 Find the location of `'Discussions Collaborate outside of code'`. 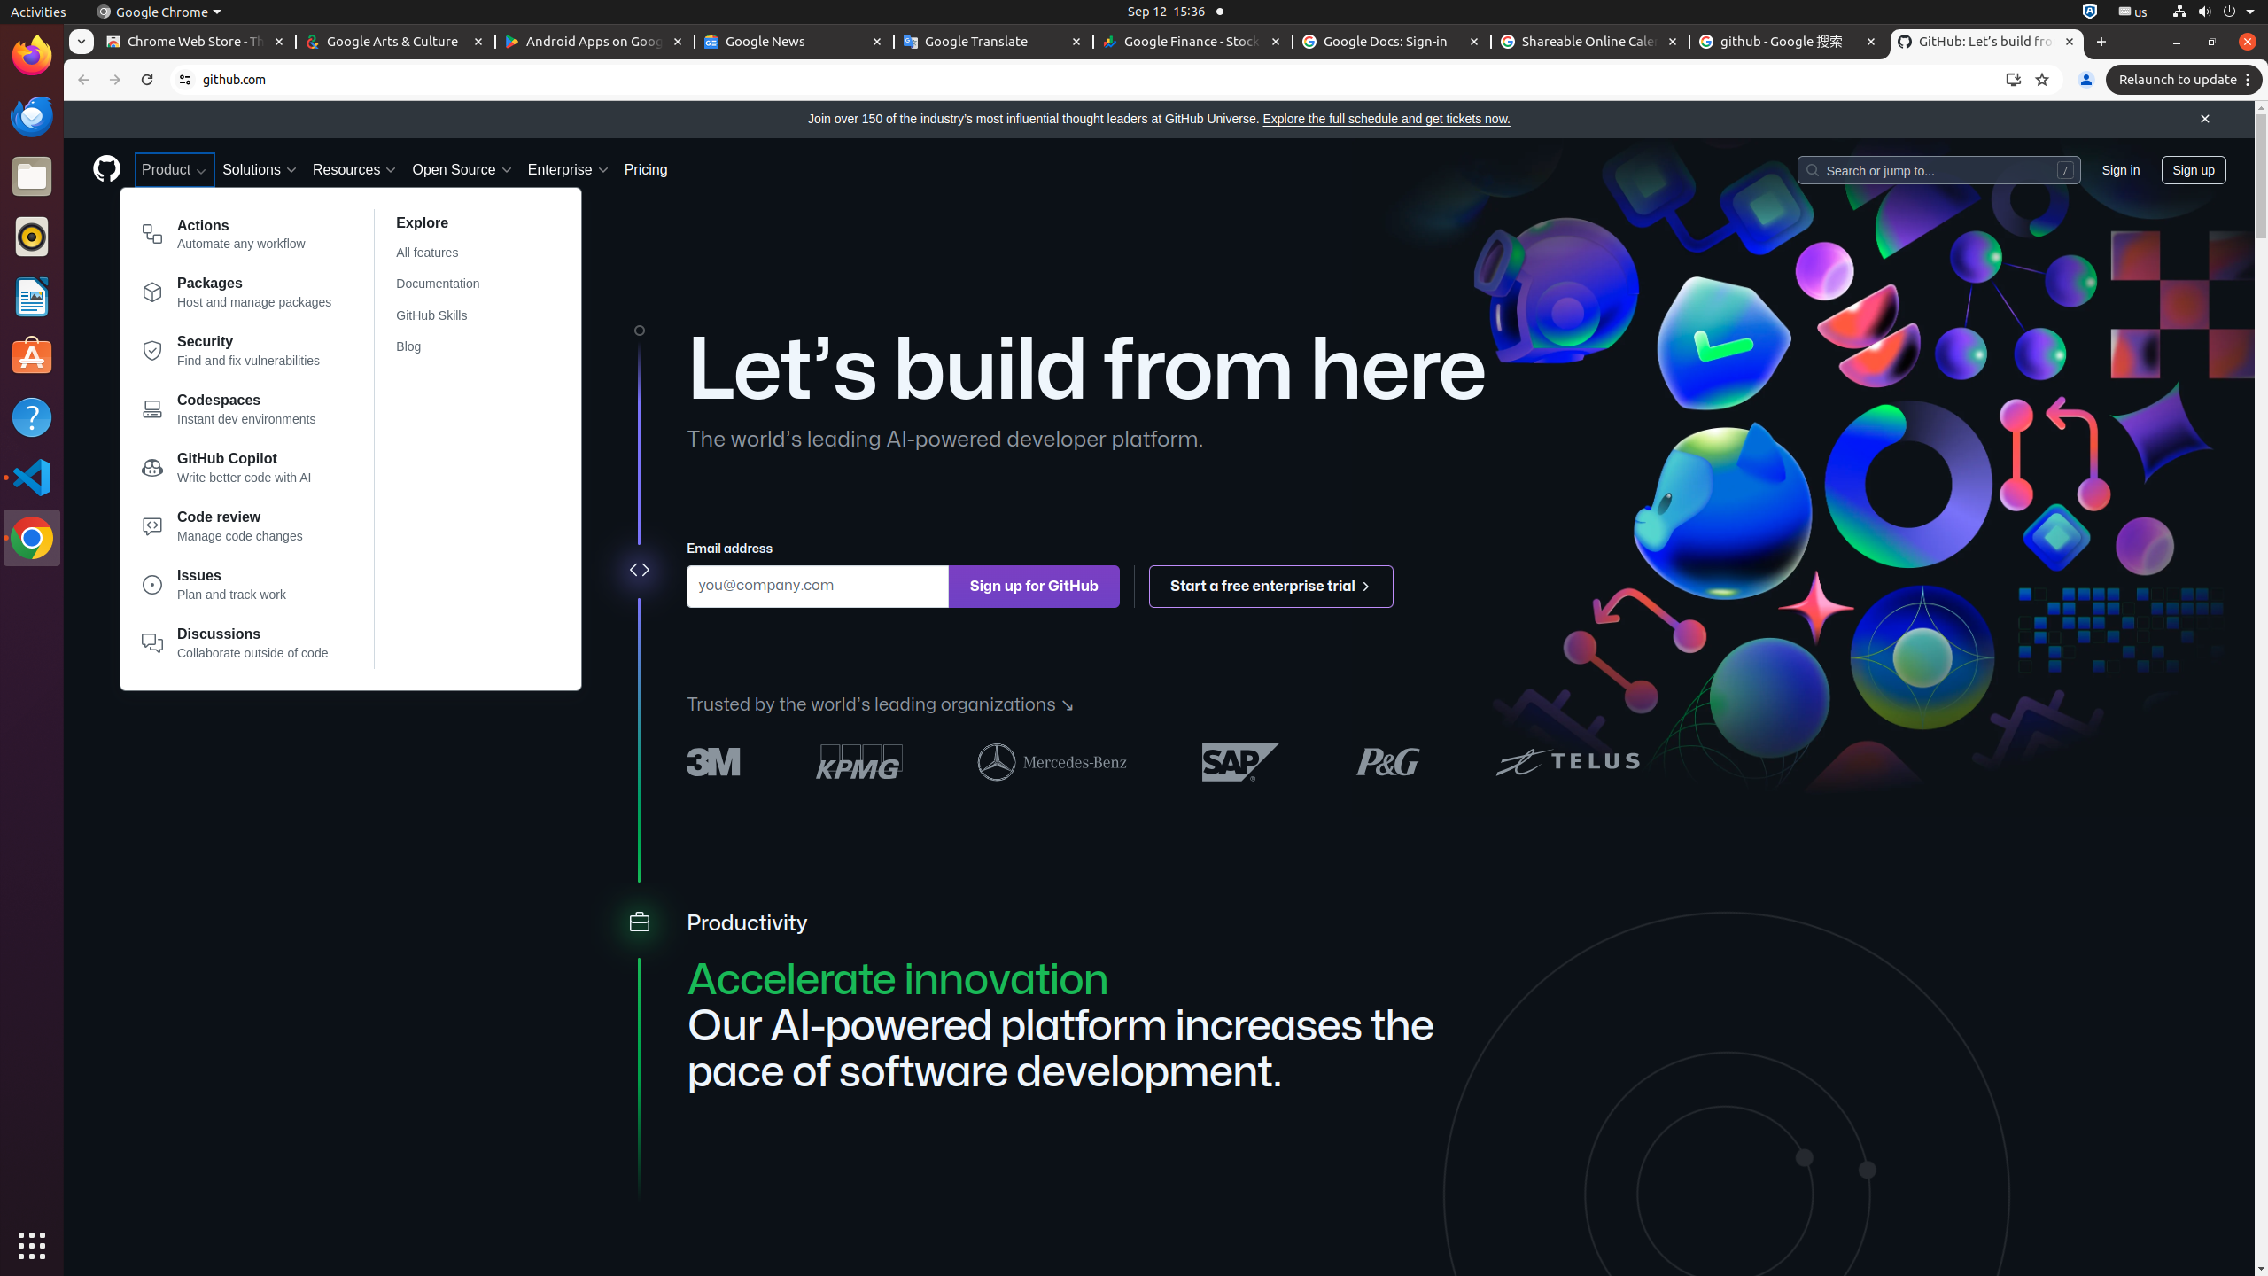

'Discussions Collaborate outside of code' is located at coordinates (236, 642).